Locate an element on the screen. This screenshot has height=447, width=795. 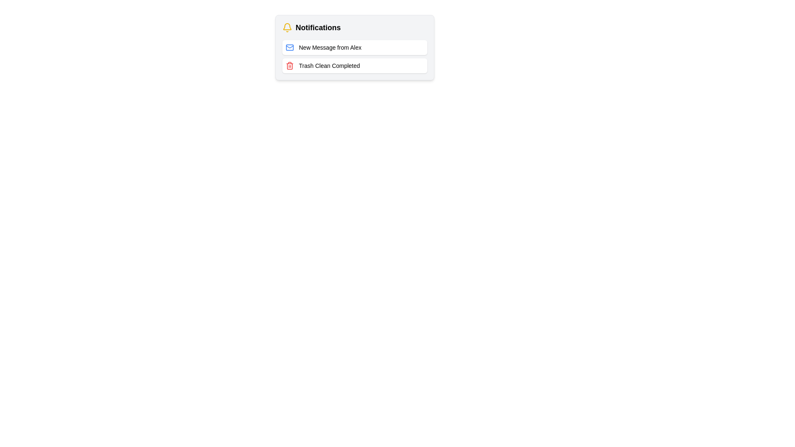
the notification icon to open the notification details is located at coordinates (287, 27).